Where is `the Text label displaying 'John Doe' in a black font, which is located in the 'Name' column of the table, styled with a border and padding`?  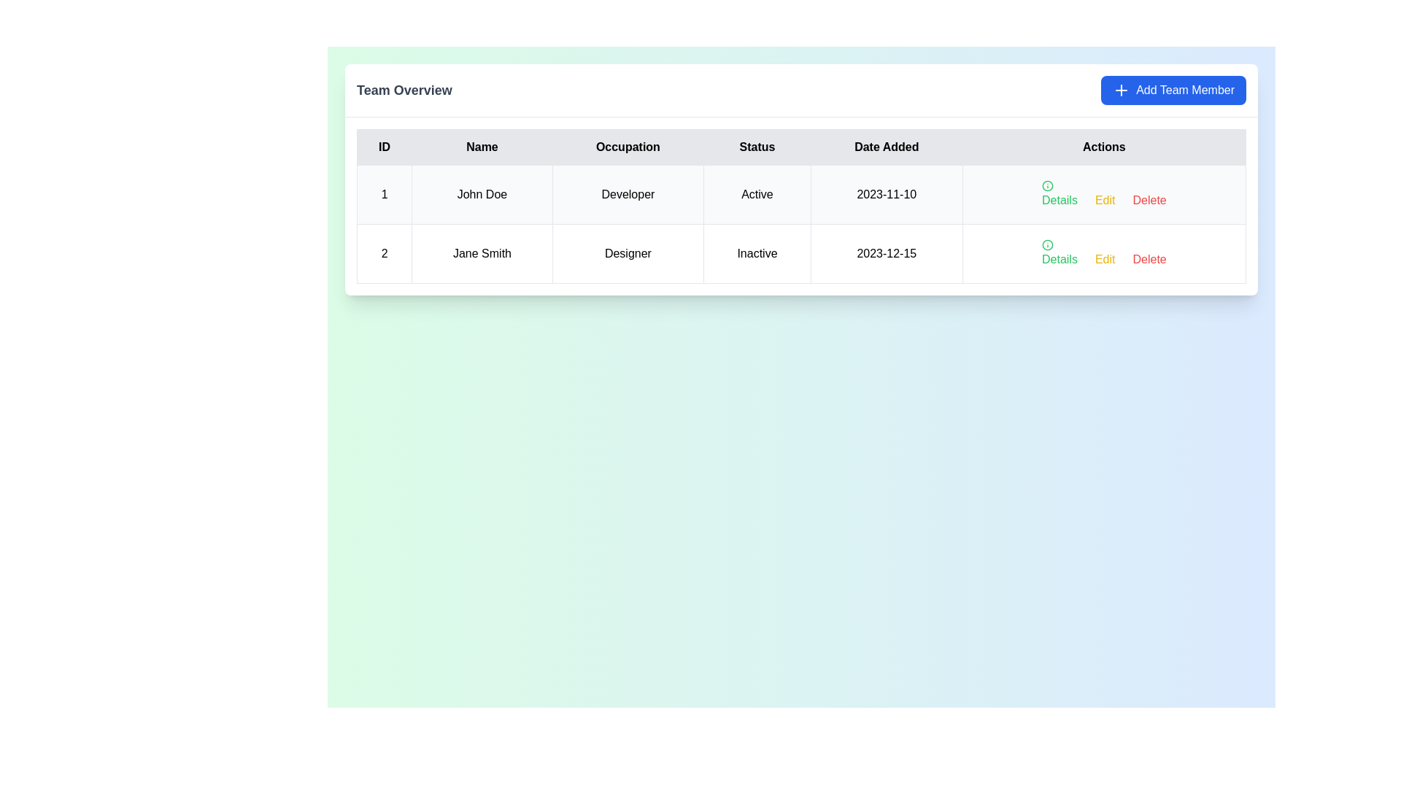 the Text label displaying 'John Doe' in a black font, which is located in the 'Name' column of the table, styled with a border and padding is located at coordinates (482, 193).